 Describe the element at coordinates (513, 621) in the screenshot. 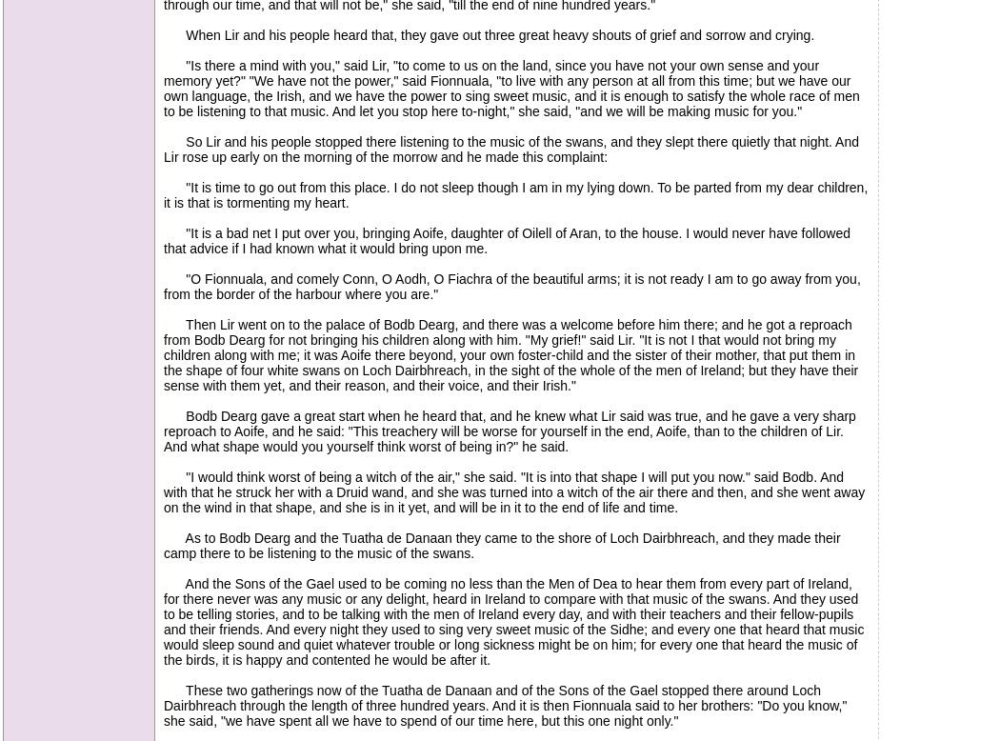

I see `'And the Sons of the Gael used to be coming no less than the Men of Dea to hear them from every part of Ireland, for there never was any music or any delight, heard in Ireland to compare with that music of the swans. And they used to be telling stories, and to be talking with the men of Ireland every day, and with their teachers and their fellow-pupils and their friends. And every night they used to sing very sweet music of the Sidhe; and every one that heard that music would sleep sound and quiet whatever trouble or long sickness might be on him; for every one that heard the music of the birds, it is happy and contented he would be after it.'` at that location.